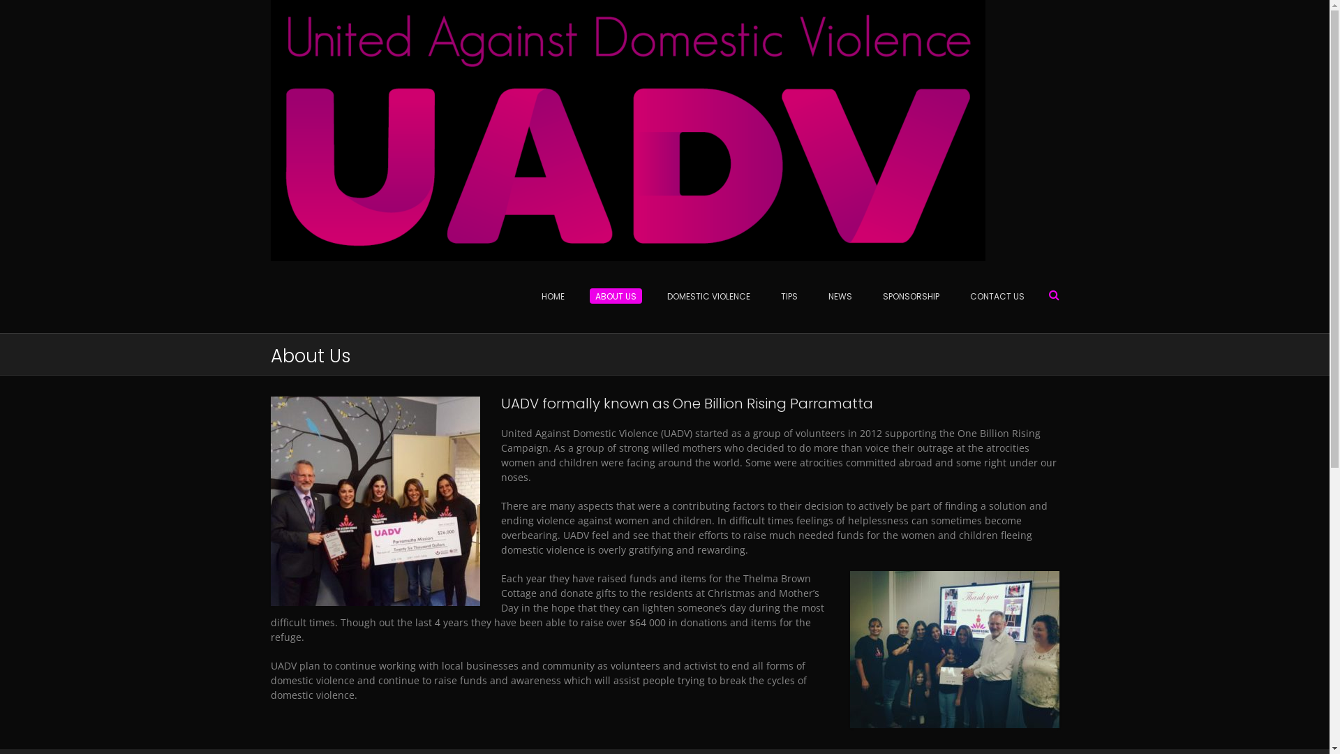 This screenshot has width=1340, height=754. I want to click on 'SPONSORSHIP', so click(910, 296).